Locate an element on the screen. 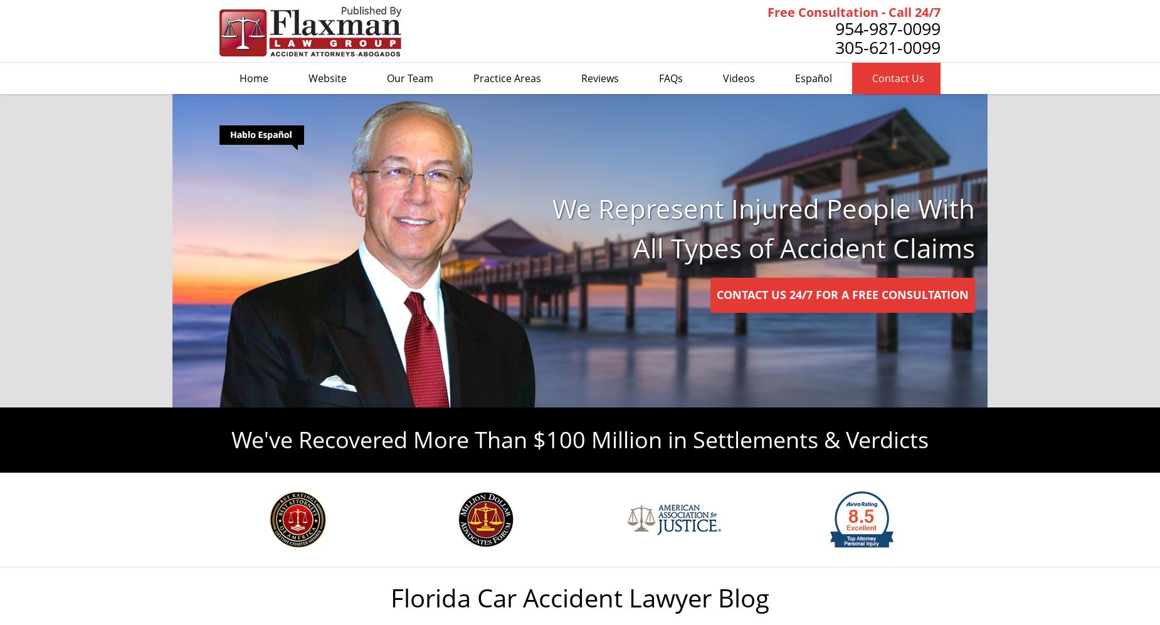  'Español' is located at coordinates (813, 78).